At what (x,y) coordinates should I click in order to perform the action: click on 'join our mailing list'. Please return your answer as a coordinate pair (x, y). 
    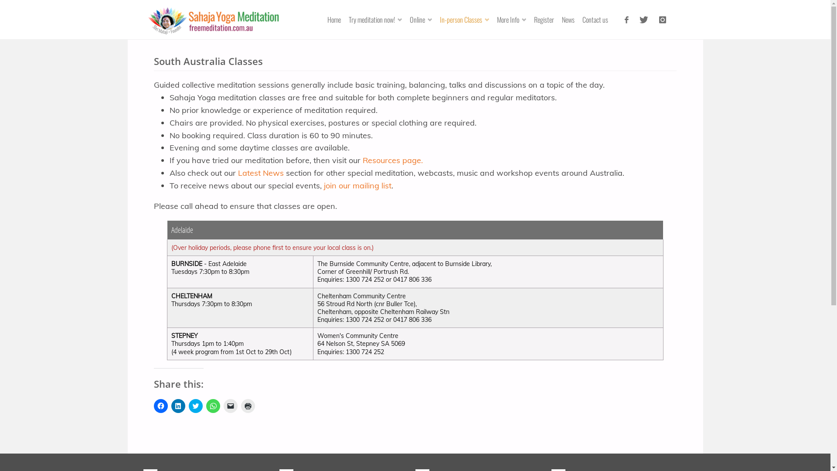
    Looking at the image, I should click on (357, 185).